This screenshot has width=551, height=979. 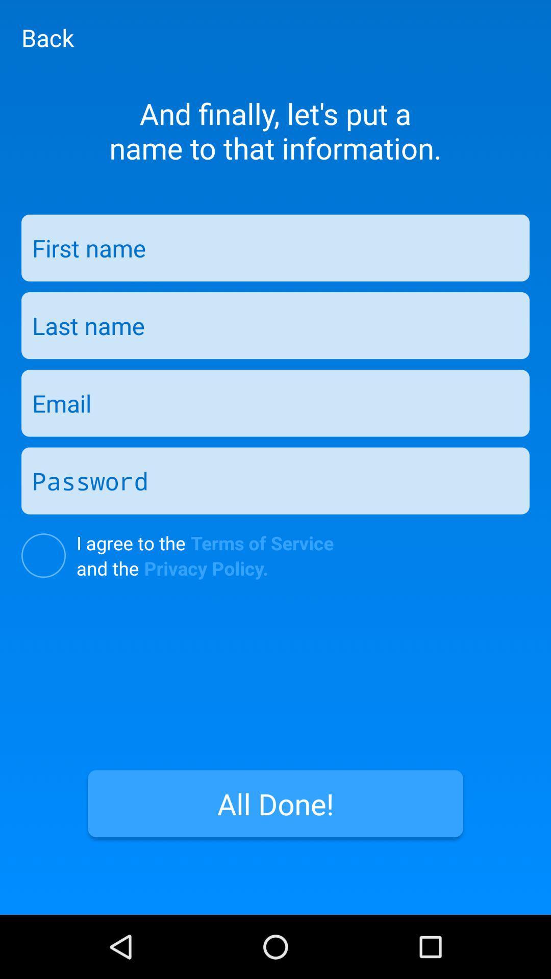 I want to click on agree the condition, so click(x=43, y=555).